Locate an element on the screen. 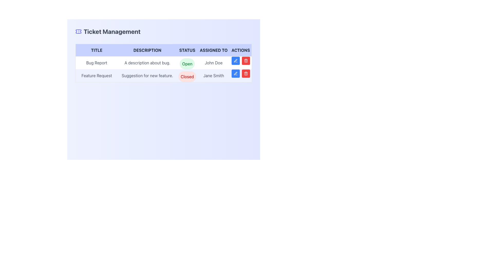 This screenshot has height=277, width=493. the text label that serves as the title for a ticket entry in the ticket management interface, located at the top-left corner of the table is located at coordinates (97, 62).